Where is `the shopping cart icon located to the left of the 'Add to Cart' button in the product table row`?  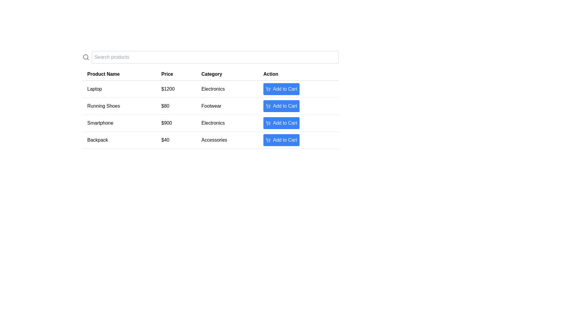
the shopping cart icon located to the left of the 'Add to Cart' button in the product table row is located at coordinates (268, 89).